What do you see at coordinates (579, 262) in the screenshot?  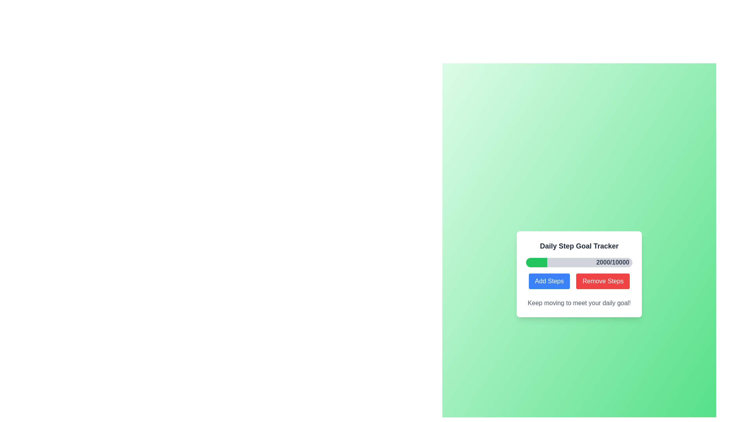 I see `the progress bar located below the 'Daily Step Goal Tracker' title, which has a green filled section and displays the current and target values ('2000/10000')` at bounding box center [579, 262].